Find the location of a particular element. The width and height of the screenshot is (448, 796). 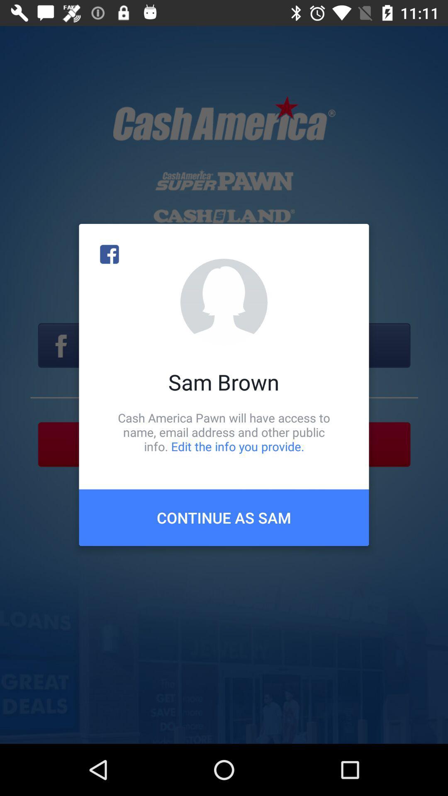

continue as sam is located at coordinates (224, 517).